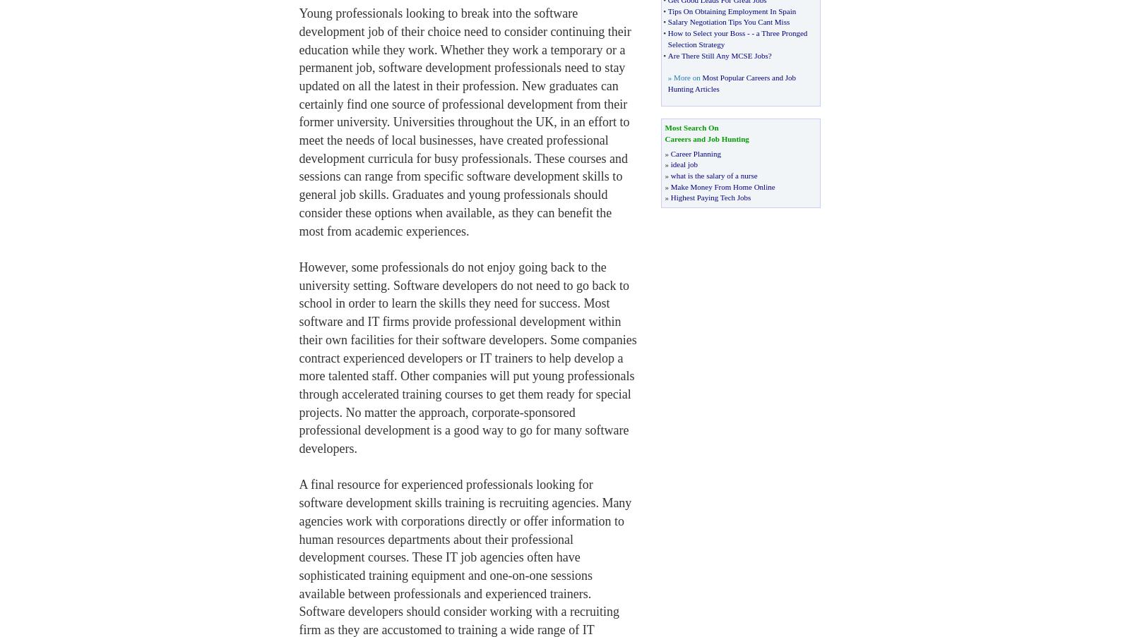 The height and width of the screenshot is (637, 1130). Describe the element at coordinates (732, 83) in the screenshot. I see `'Most Popular Careers and Job Hunting Articles'` at that location.